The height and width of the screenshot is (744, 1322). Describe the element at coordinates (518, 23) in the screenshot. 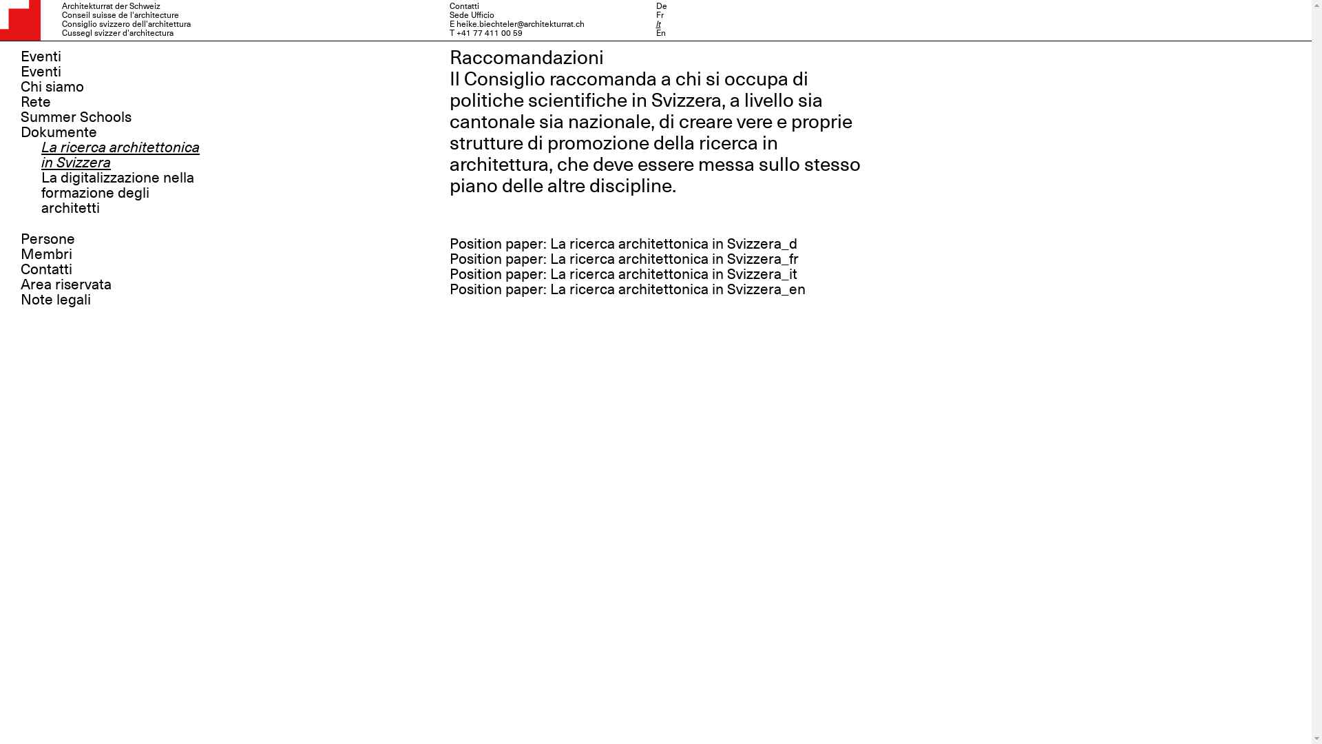

I see `'heike.biechteler@architekturrat.ch'` at that location.